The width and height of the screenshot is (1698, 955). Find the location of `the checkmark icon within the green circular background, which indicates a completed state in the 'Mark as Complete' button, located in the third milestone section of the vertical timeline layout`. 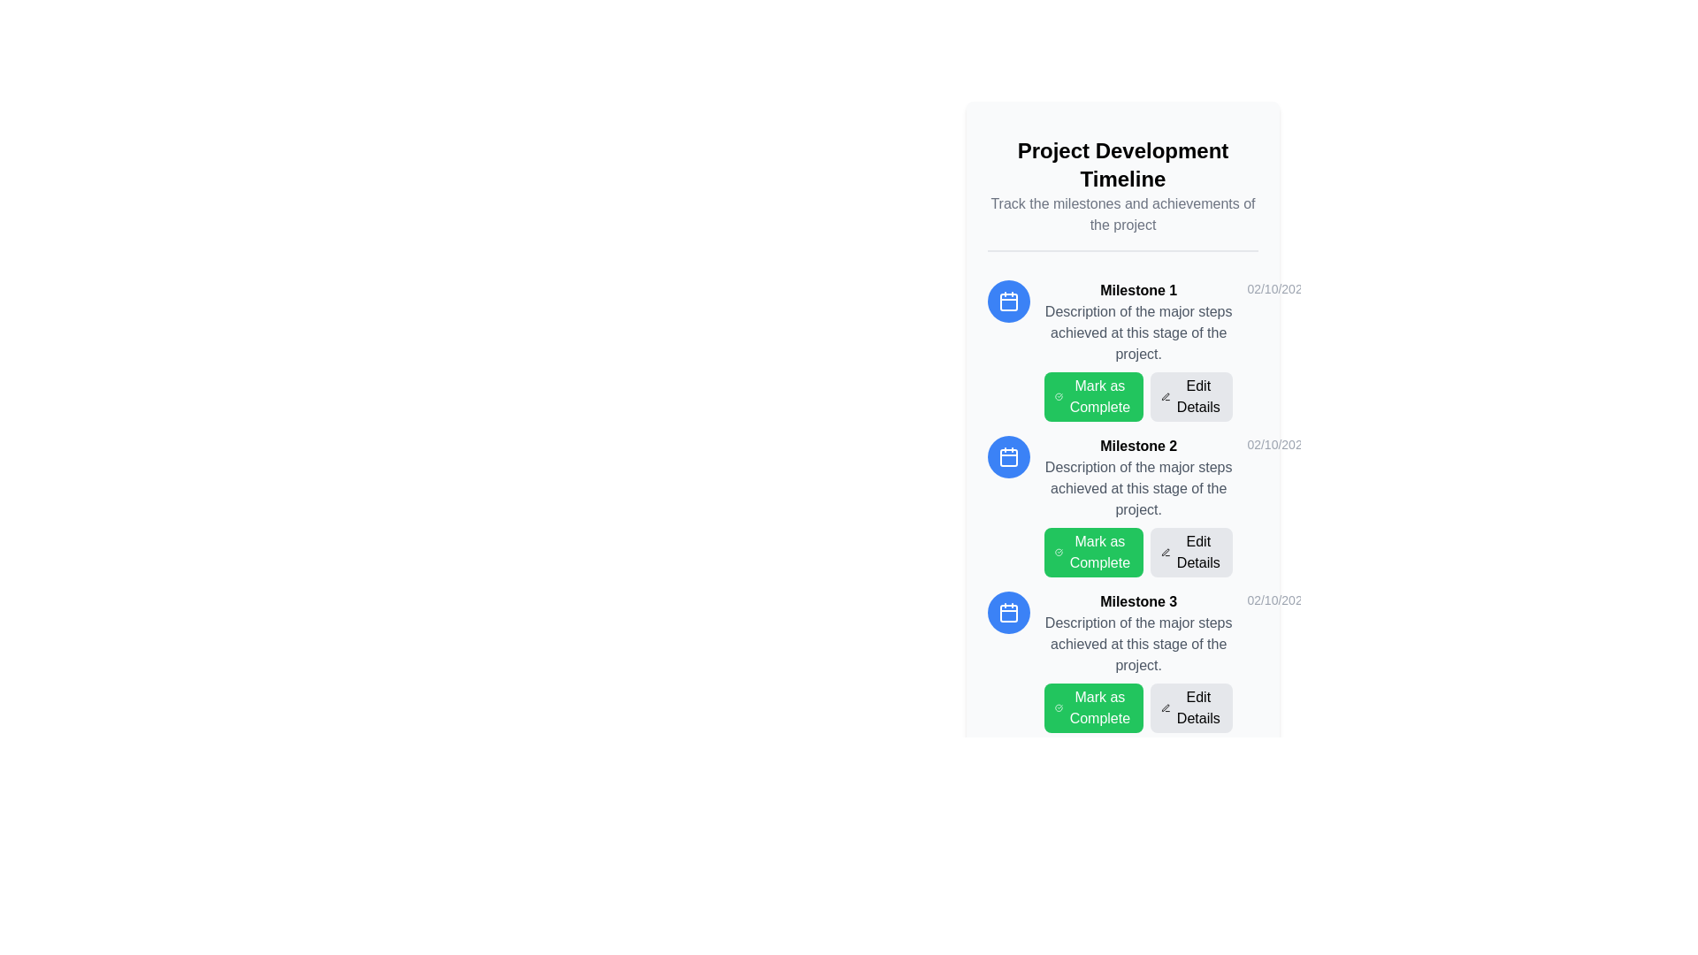

the checkmark icon within the green circular background, which indicates a completed state in the 'Mark as Complete' button, located in the third milestone section of the vertical timeline layout is located at coordinates (1059, 551).